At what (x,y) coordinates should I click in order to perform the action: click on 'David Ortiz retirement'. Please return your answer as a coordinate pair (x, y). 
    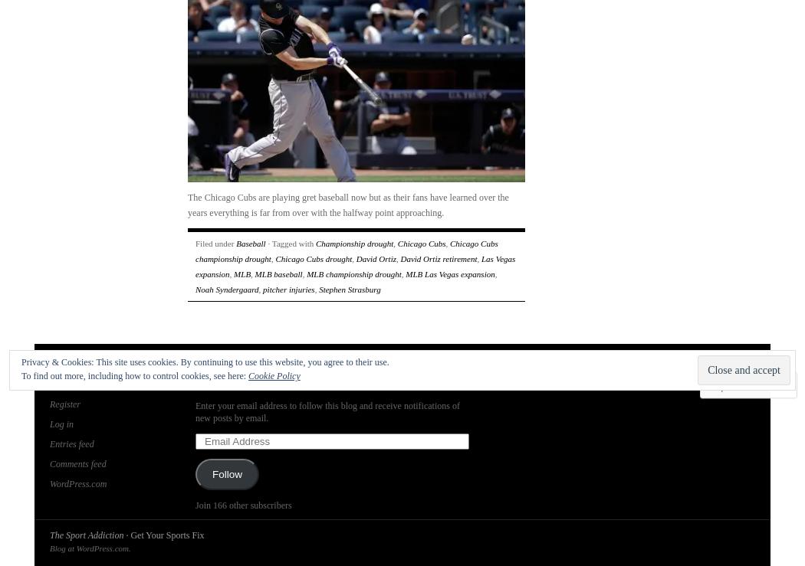
    Looking at the image, I should click on (438, 258).